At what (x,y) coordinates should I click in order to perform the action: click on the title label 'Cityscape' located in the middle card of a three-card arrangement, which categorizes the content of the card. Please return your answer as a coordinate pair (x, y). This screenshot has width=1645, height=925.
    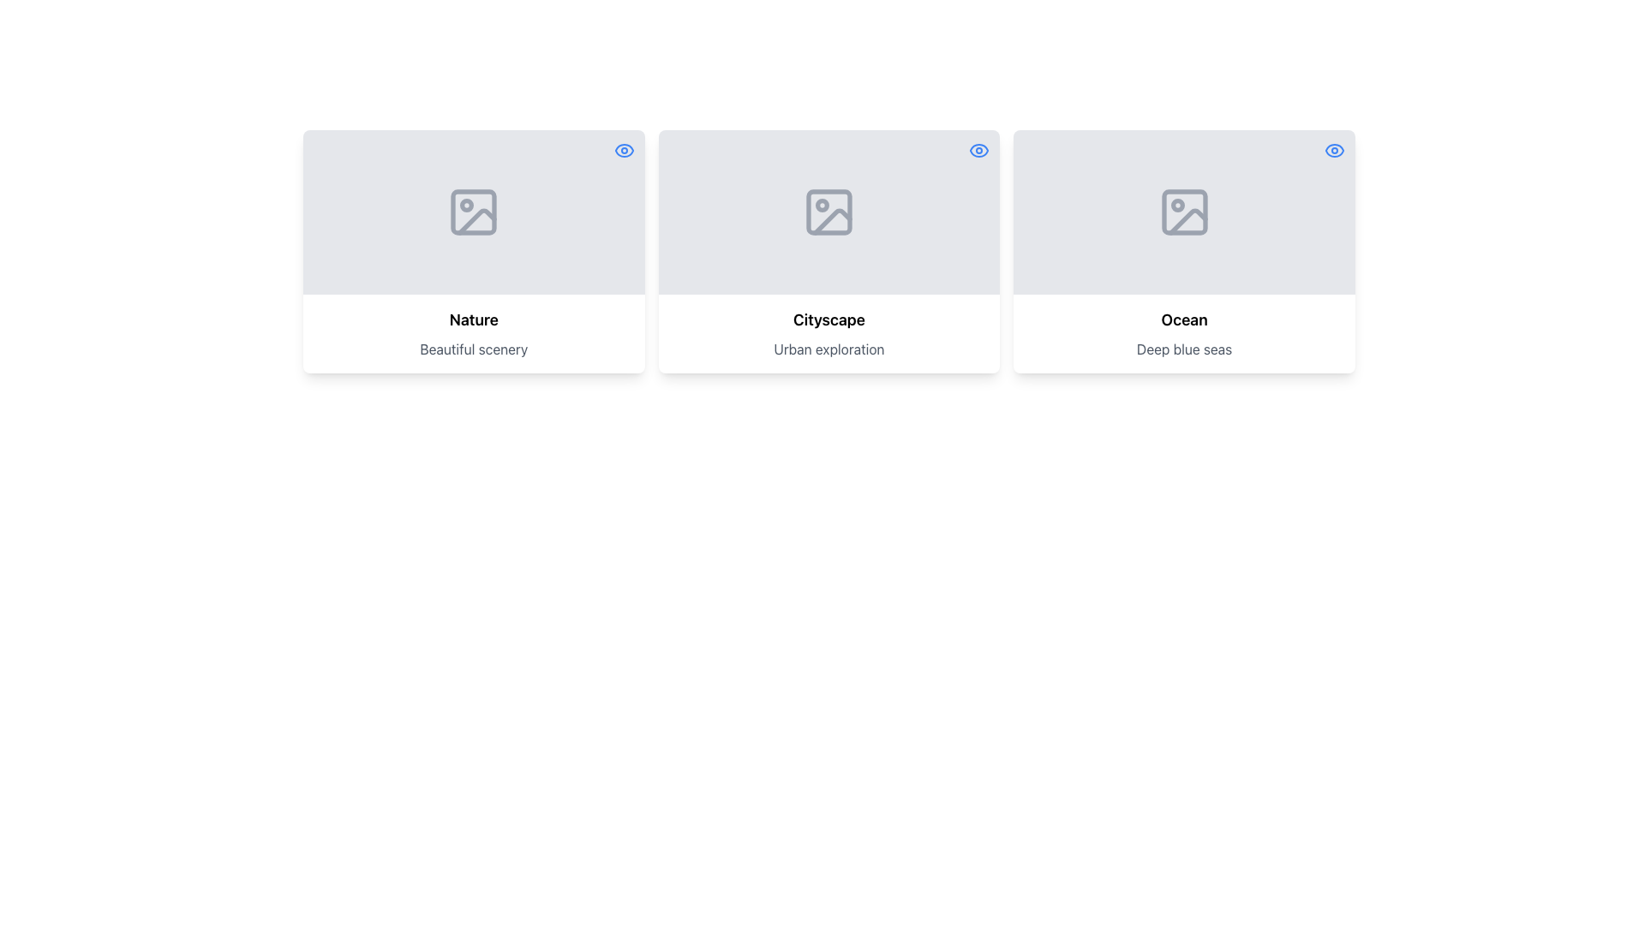
    Looking at the image, I should click on (829, 320).